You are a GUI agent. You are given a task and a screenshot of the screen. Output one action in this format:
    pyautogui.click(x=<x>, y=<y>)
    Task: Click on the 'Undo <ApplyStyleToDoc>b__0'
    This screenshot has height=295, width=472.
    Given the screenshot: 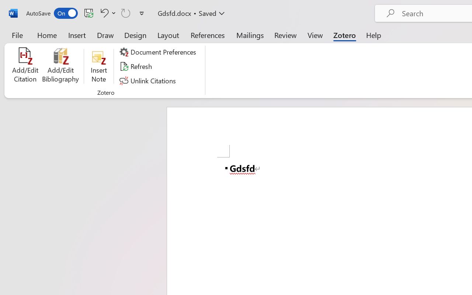 What is the action you would take?
    pyautogui.click(x=103, y=13)
    